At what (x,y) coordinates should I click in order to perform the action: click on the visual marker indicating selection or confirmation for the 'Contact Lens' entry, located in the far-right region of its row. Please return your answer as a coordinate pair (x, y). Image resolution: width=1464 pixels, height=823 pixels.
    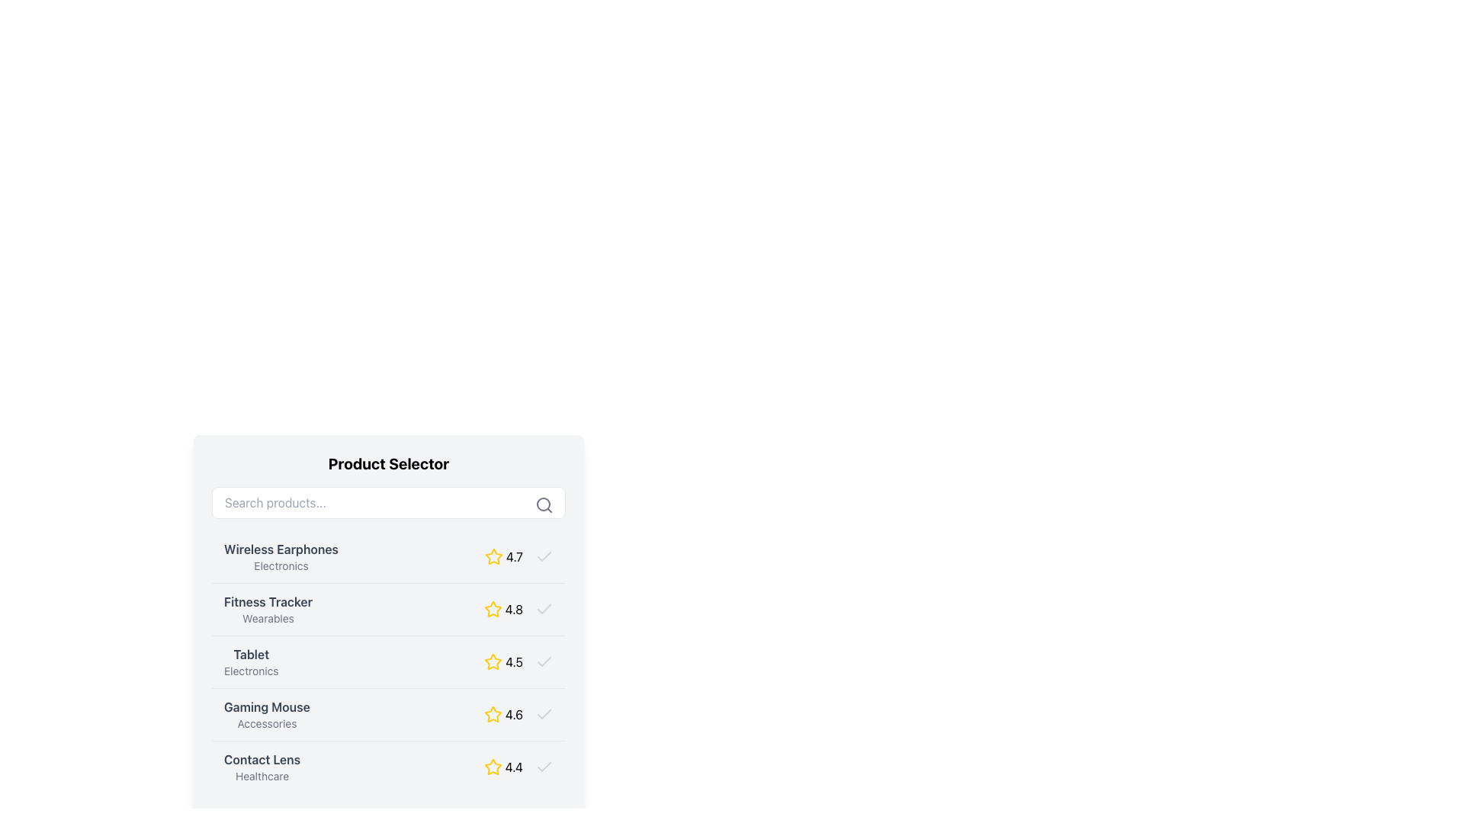
    Looking at the image, I should click on (544, 767).